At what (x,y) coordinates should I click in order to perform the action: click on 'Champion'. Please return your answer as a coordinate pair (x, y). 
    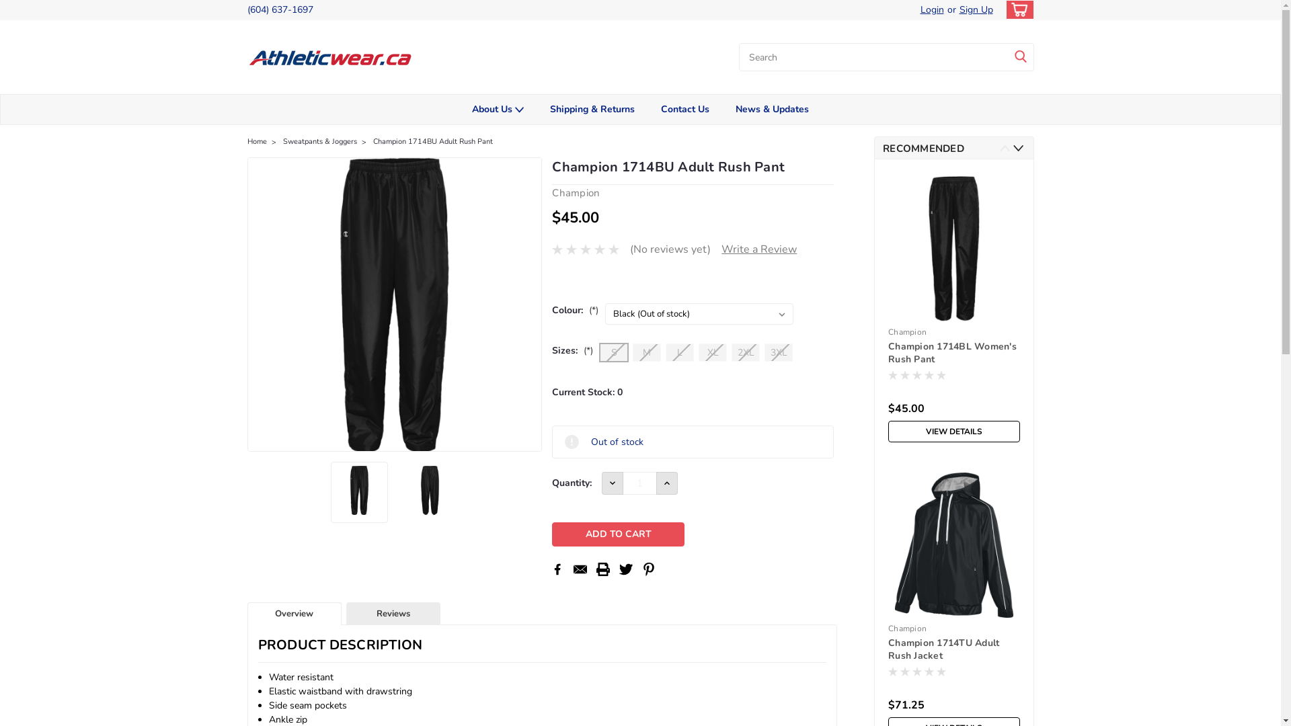
    Looking at the image, I should click on (576, 192).